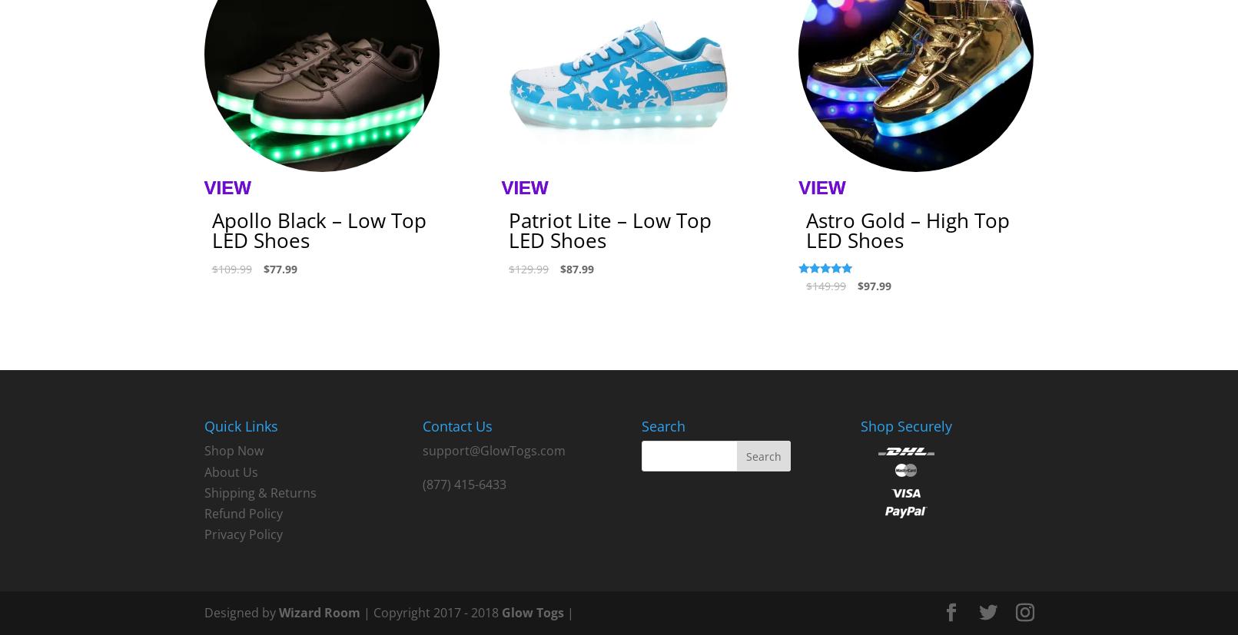  I want to click on 'Shop Now', so click(233, 451).